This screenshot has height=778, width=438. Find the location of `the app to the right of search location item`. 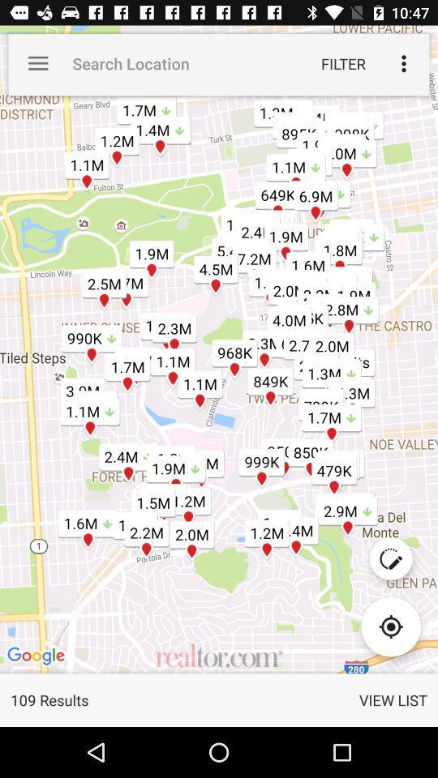

the app to the right of search location item is located at coordinates (342, 63).